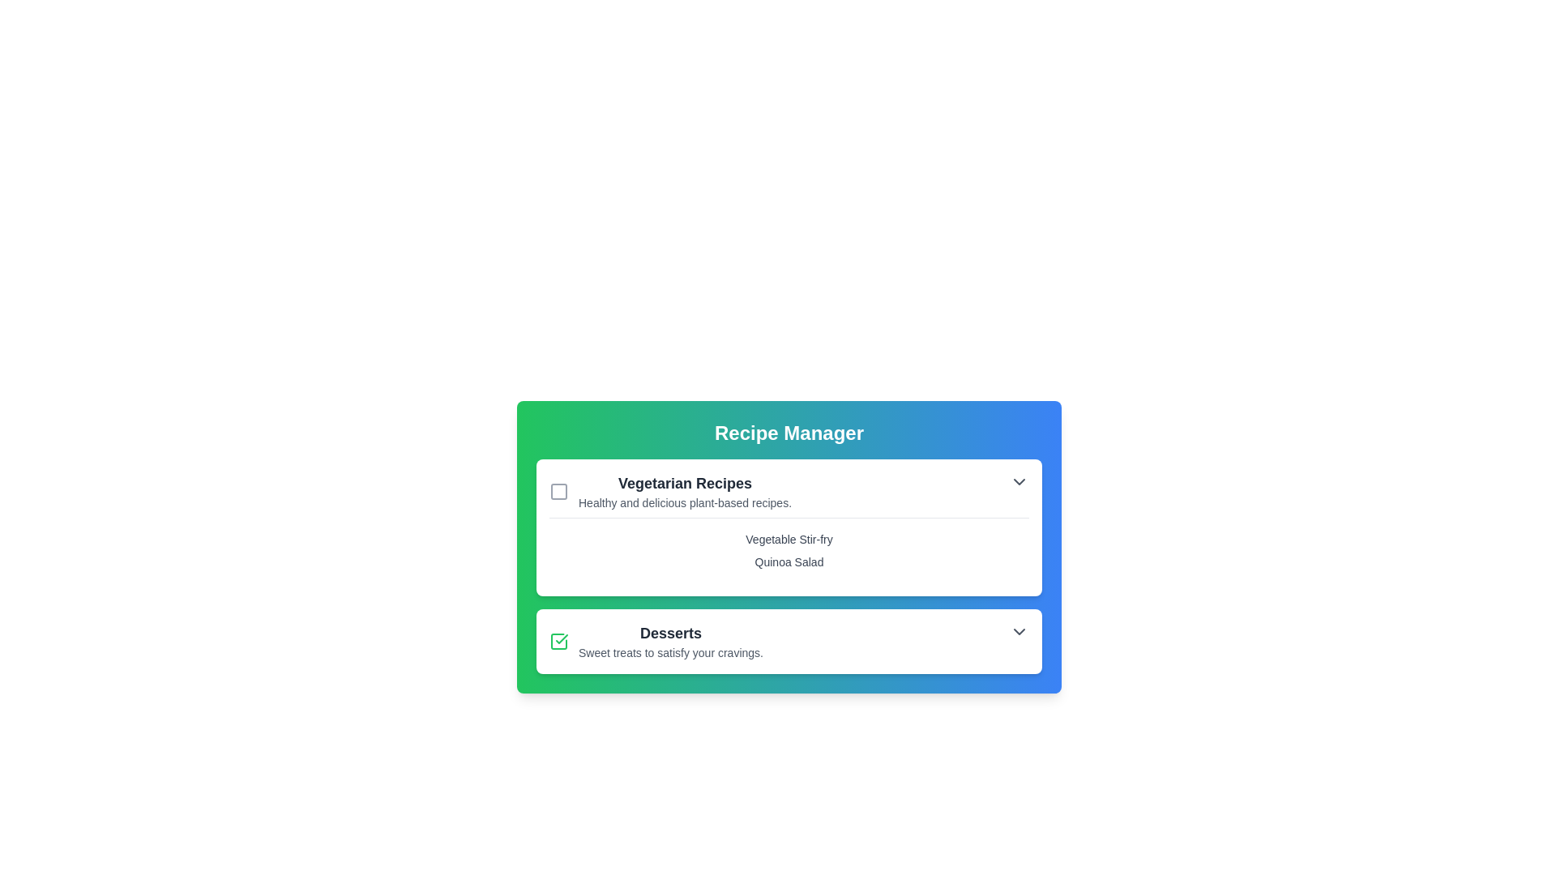  What do you see at coordinates (789, 640) in the screenshot?
I see `the checkbox` at bounding box center [789, 640].